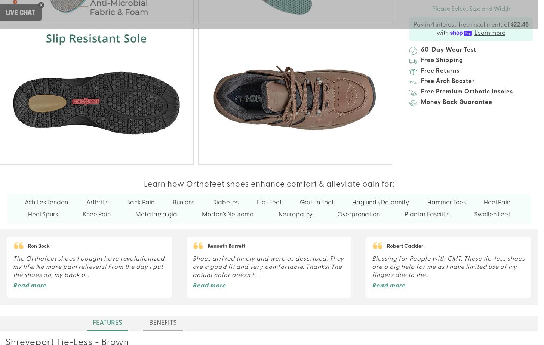 The width and height of the screenshot is (544, 345). I want to click on '60-Day Wear Test', so click(421, 50).